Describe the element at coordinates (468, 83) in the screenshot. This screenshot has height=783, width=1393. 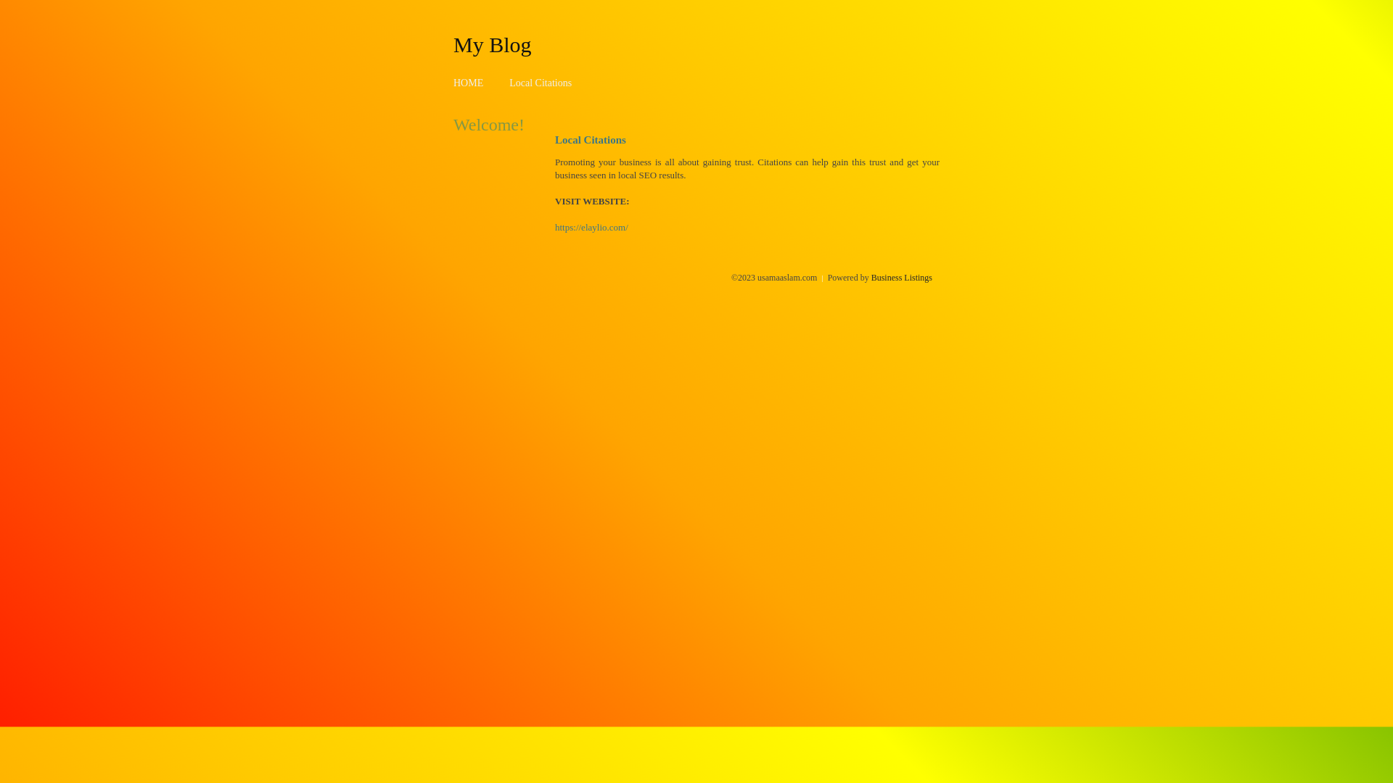
I see `'HOME'` at that location.